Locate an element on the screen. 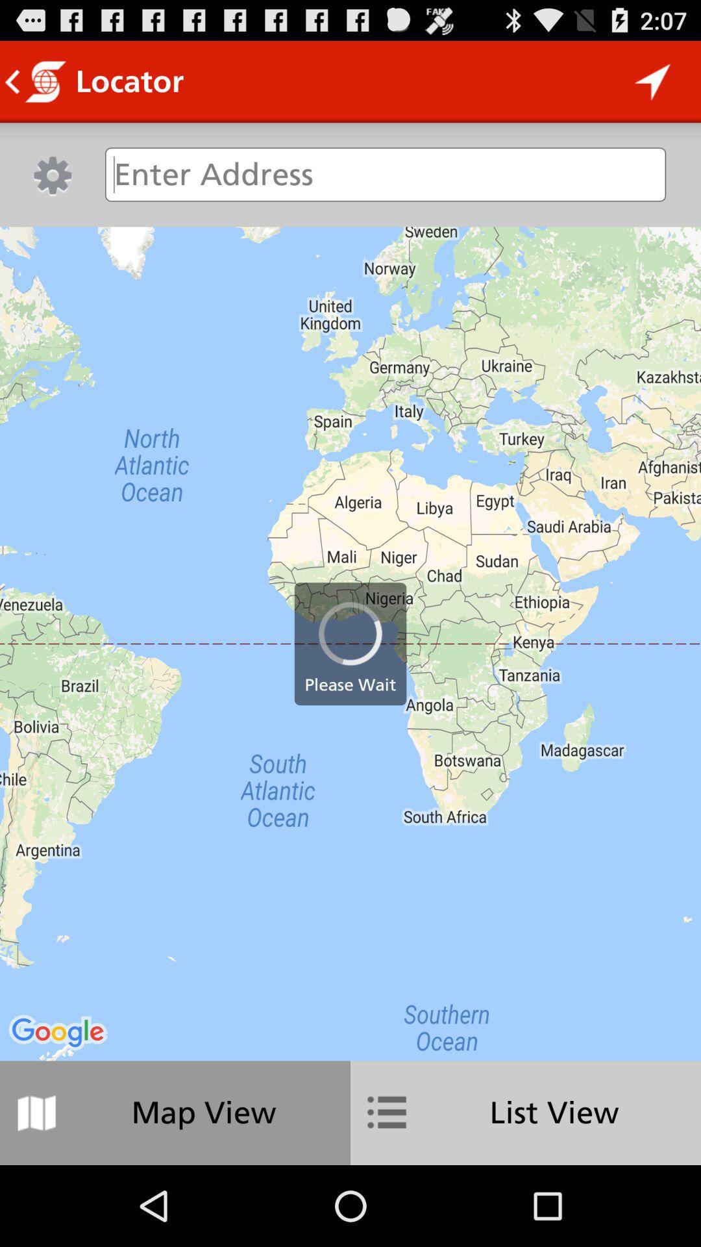 Image resolution: width=701 pixels, height=1247 pixels. list view icon is located at coordinates (526, 1112).